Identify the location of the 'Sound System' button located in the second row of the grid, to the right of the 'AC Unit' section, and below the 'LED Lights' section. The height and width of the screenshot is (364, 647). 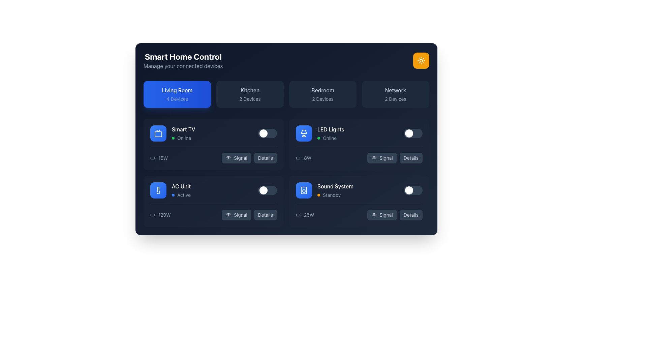
(304, 190).